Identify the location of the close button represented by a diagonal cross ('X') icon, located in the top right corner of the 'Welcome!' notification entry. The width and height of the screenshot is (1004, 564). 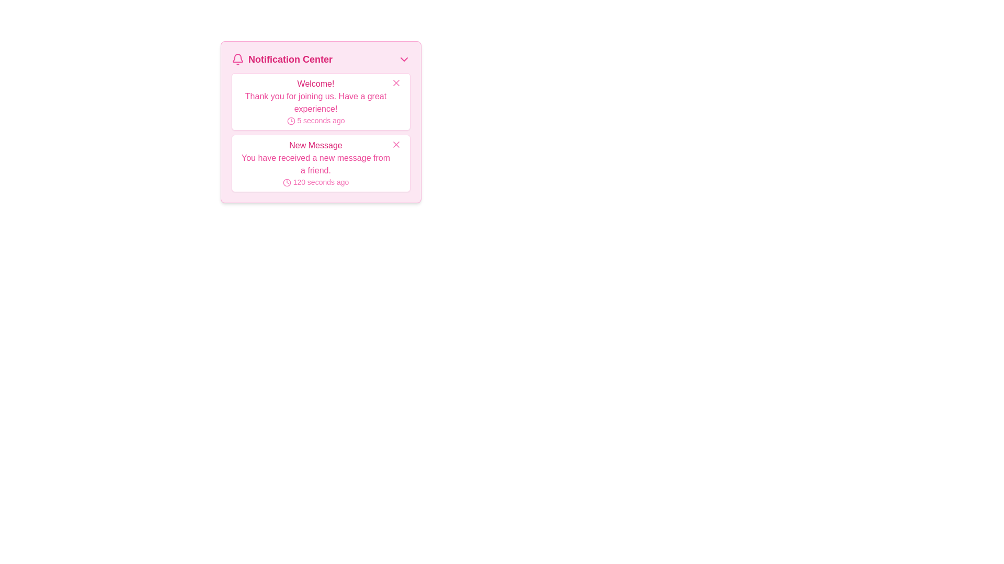
(396, 82).